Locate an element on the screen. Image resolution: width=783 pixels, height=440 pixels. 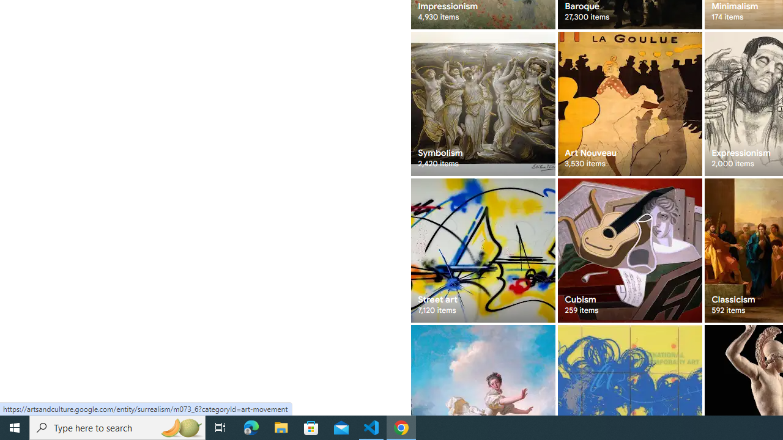
'Symbolism 2,420 items' is located at coordinates (482, 103).